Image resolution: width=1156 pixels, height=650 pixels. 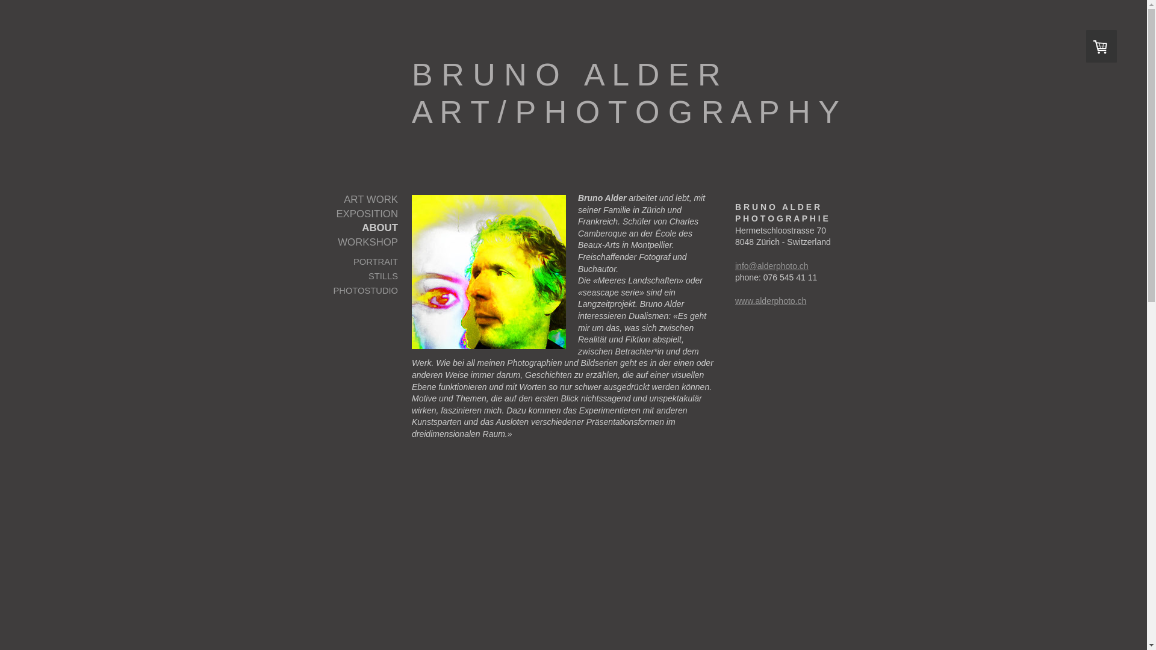 I want to click on 'WORKSHOP', so click(x=293, y=242).